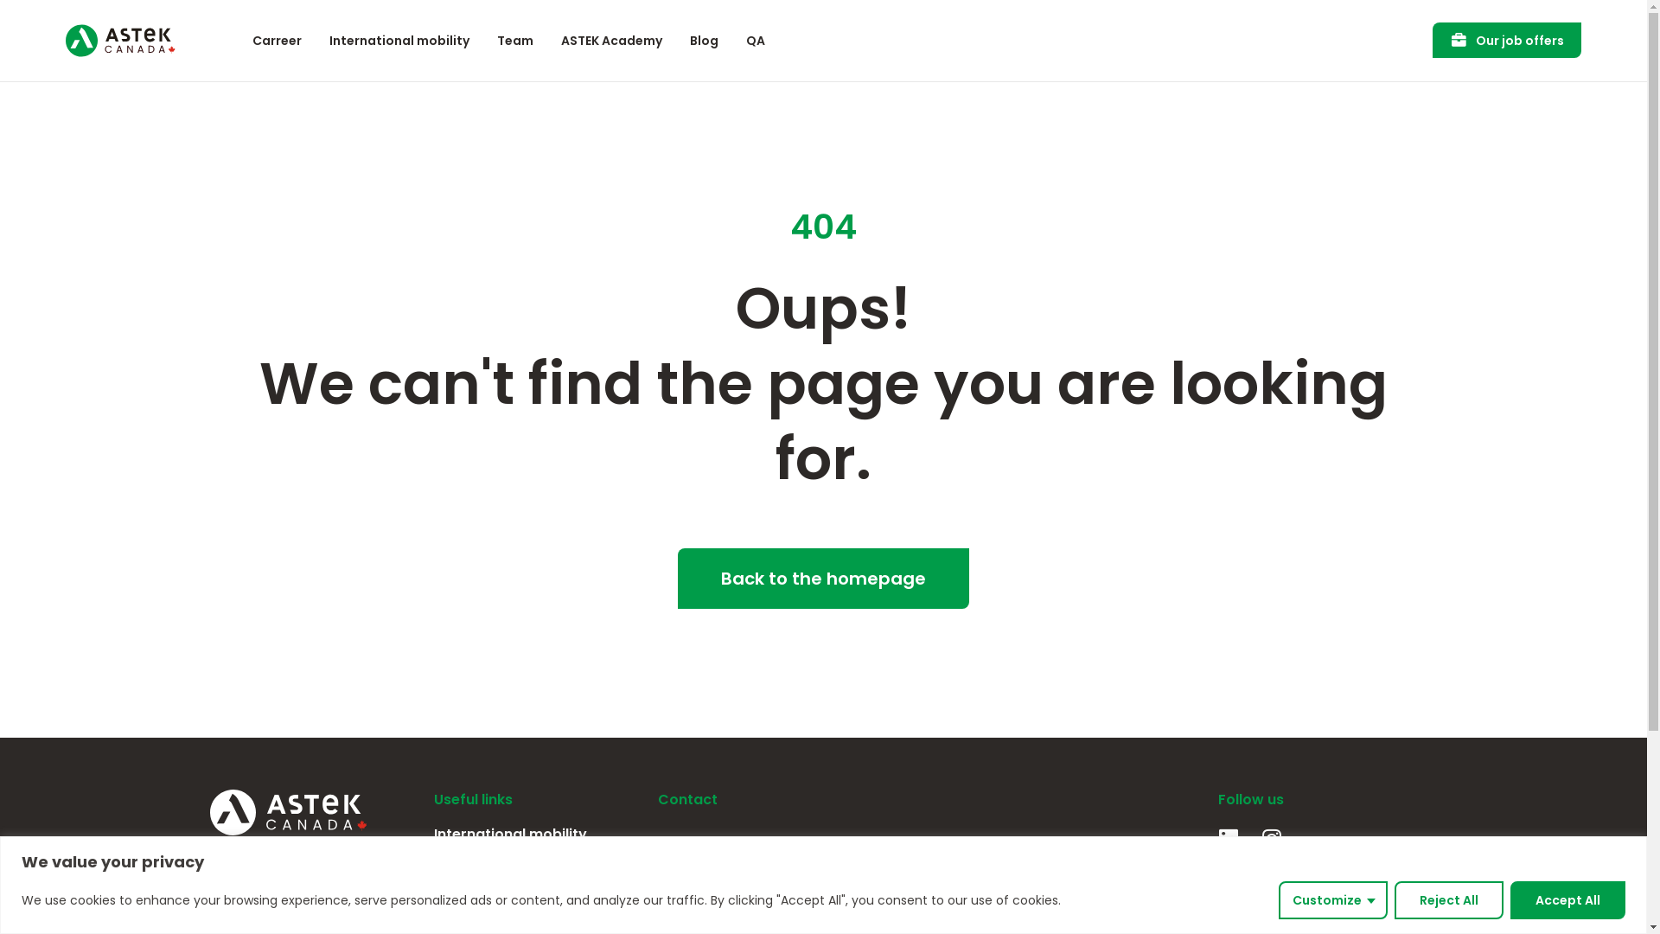  What do you see at coordinates (1448, 899) in the screenshot?
I see `'Reject All'` at bounding box center [1448, 899].